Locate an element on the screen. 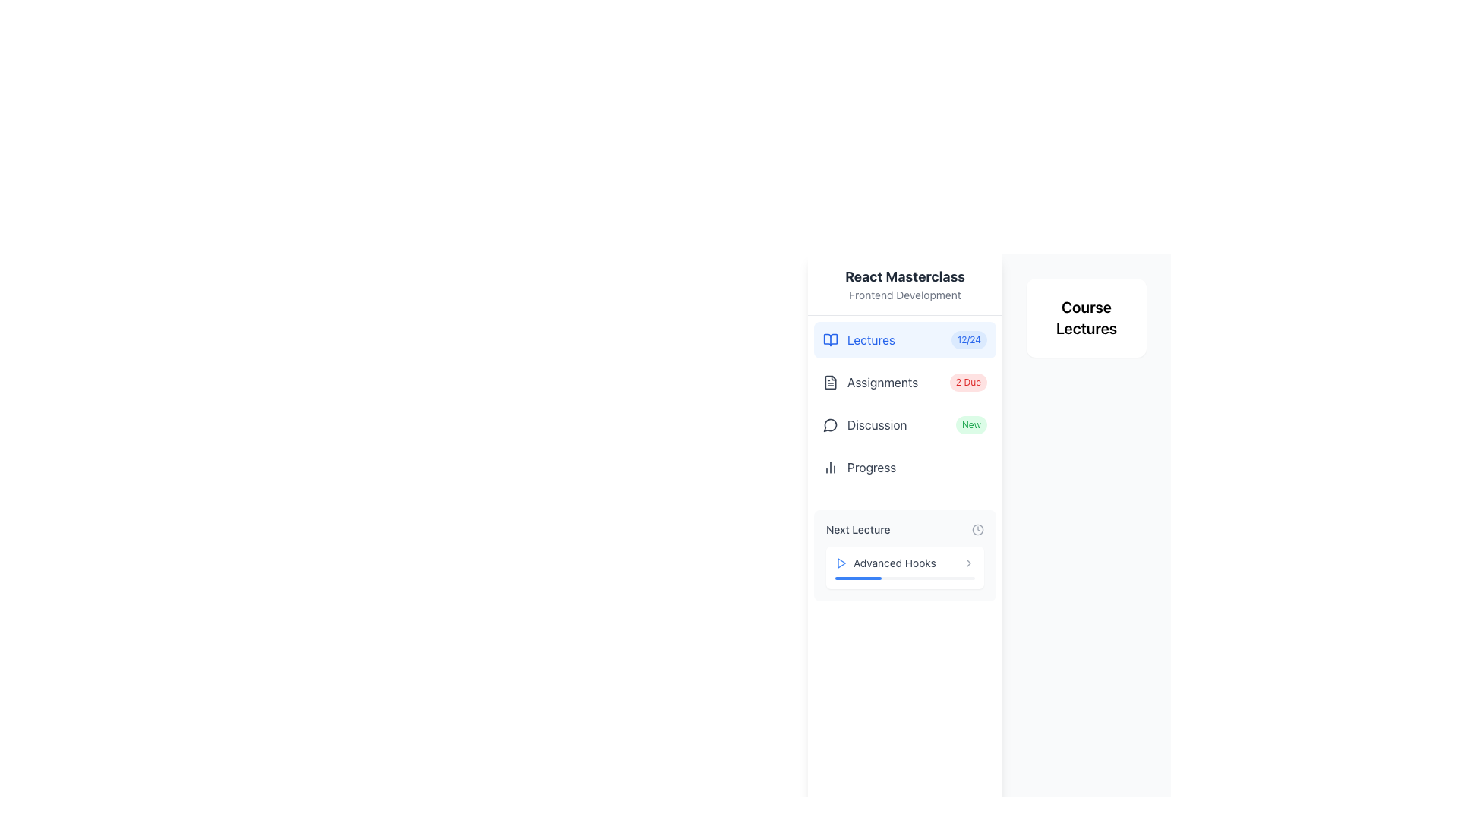 Image resolution: width=1458 pixels, height=820 pixels. the menu section labeled 'Lectures12/24Assignments2 DueDiscussionNewProgress' is located at coordinates (904, 406).